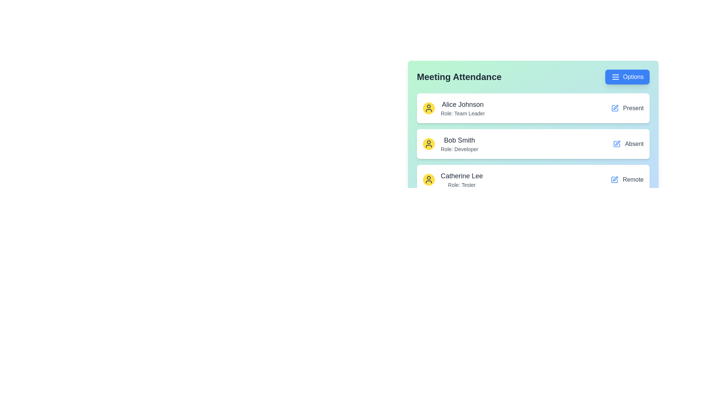  Describe the element at coordinates (633, 179) in the screenshot. I see `the text label displaying 'Remote', which is located beside the editing icon for 'Catherine Lee' in the 'Meeting Attendance' interface` at that location.